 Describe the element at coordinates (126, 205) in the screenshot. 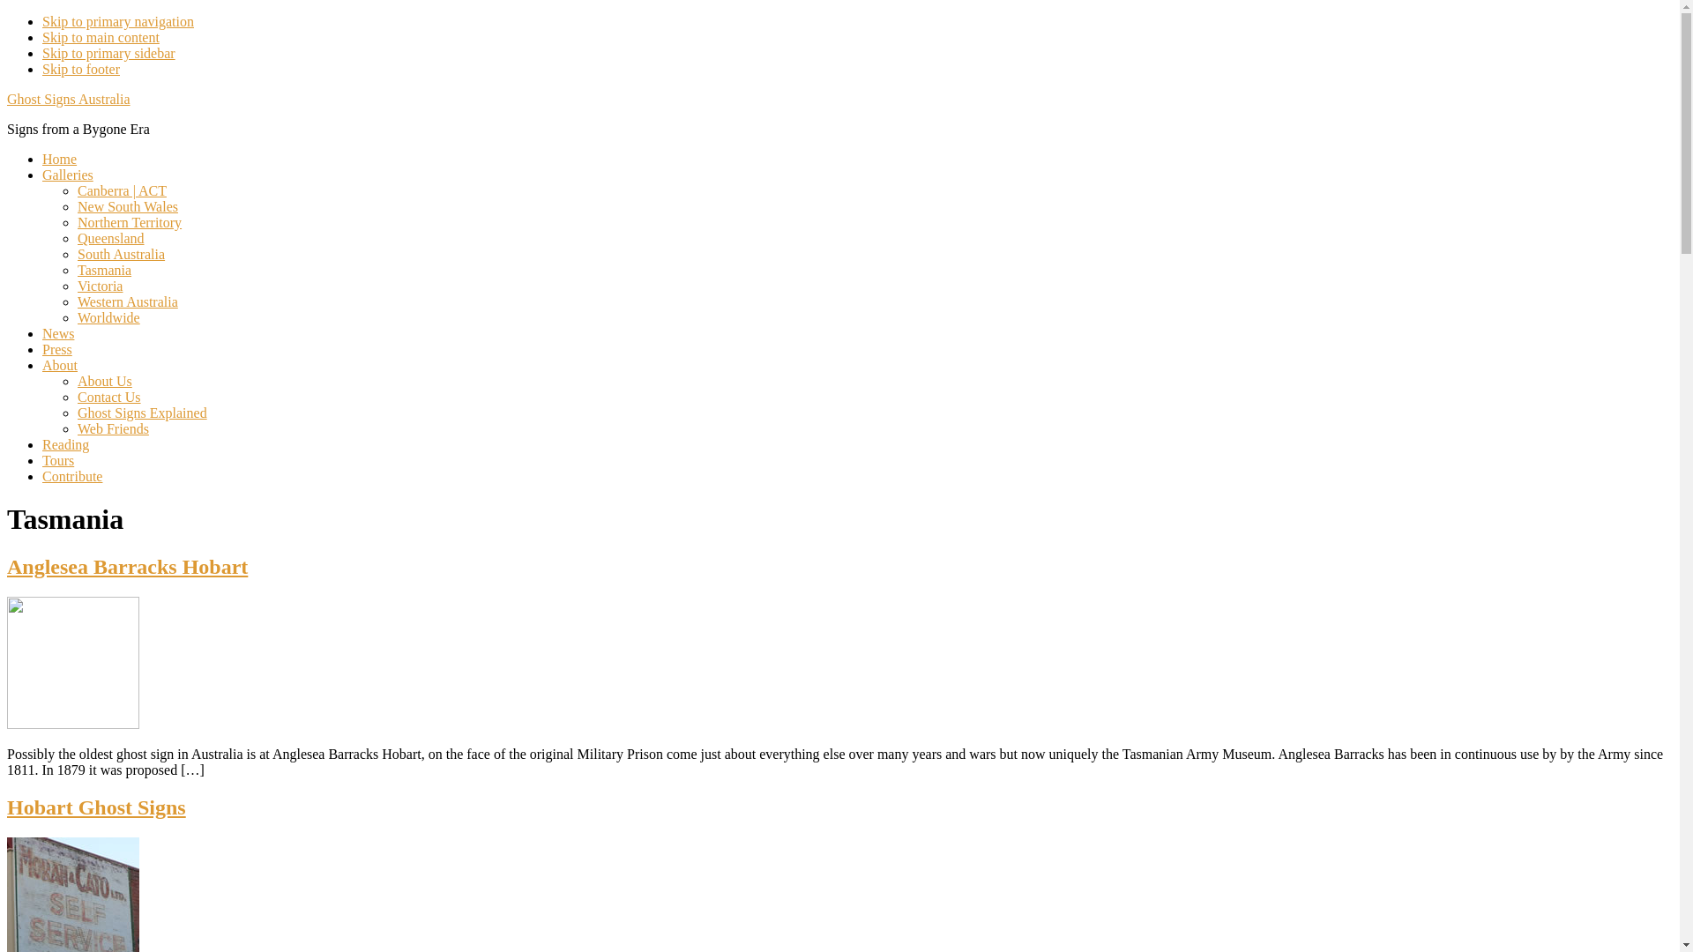

I see `'New South Wales'` at that location.